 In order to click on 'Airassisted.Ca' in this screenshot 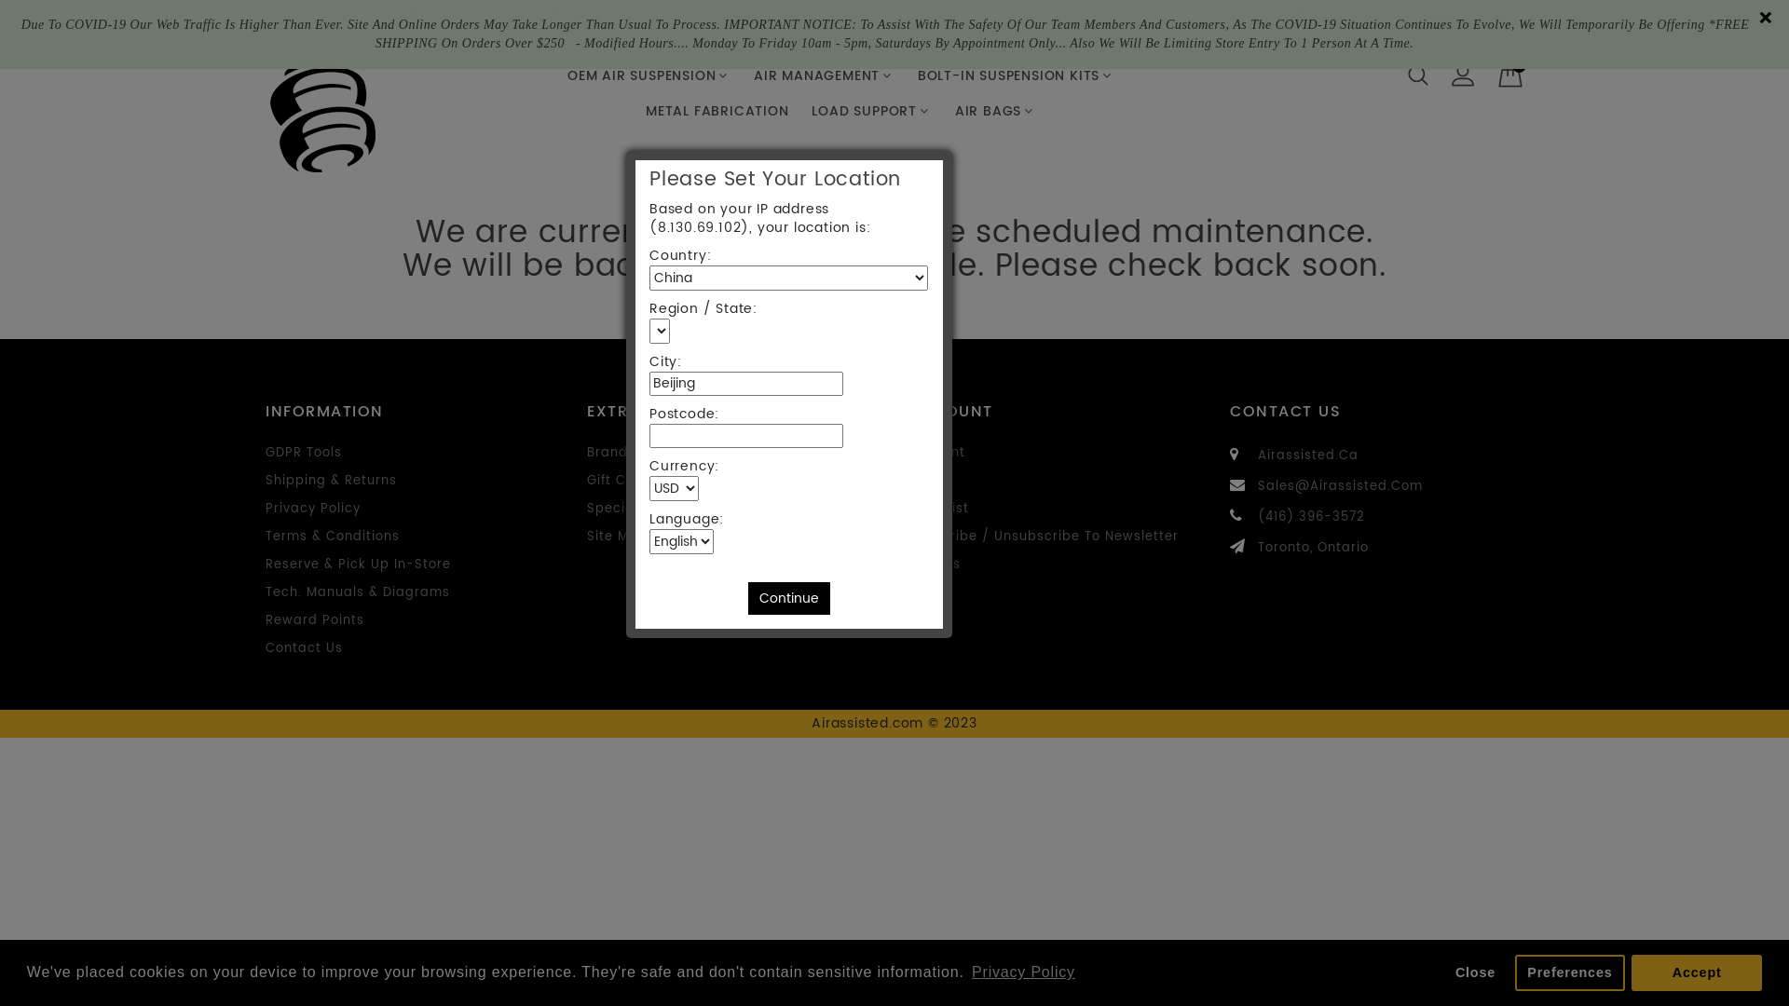, I will do `click(1257, 455)`.